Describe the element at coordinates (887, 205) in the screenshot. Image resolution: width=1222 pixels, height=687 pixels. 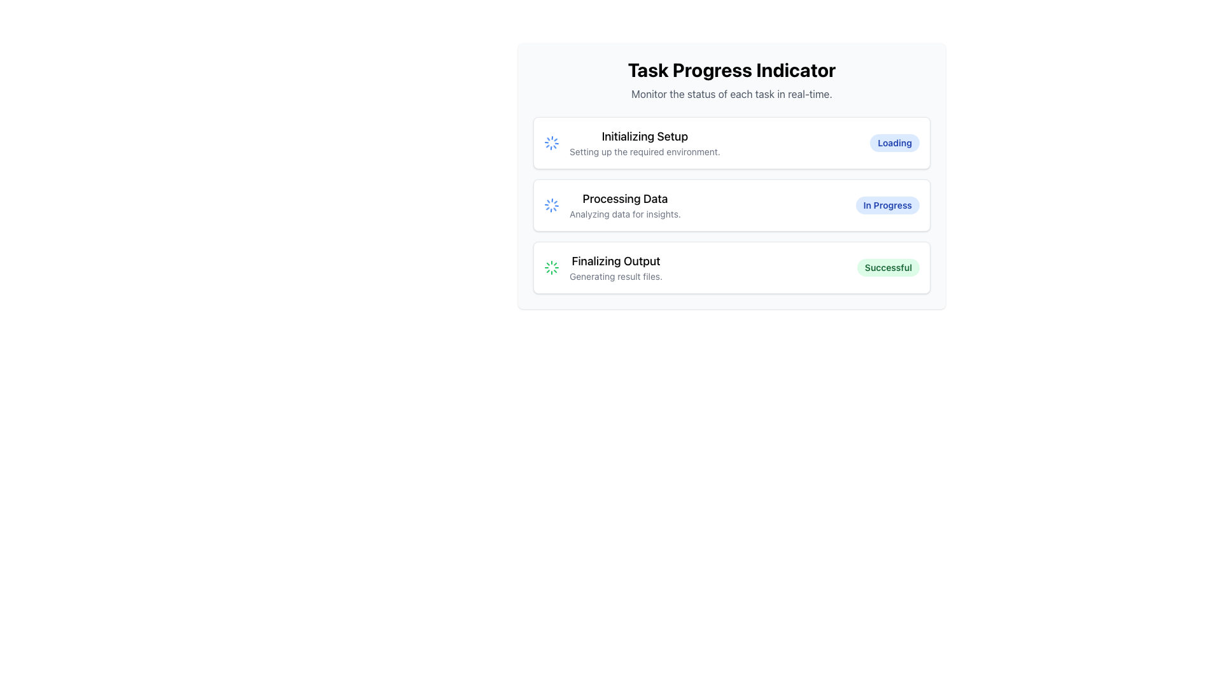
I see `the Status Indicator Label with the text 'In Progress', which has a light blue background and is located in the second task block titled 'Processing Data'` at that location.